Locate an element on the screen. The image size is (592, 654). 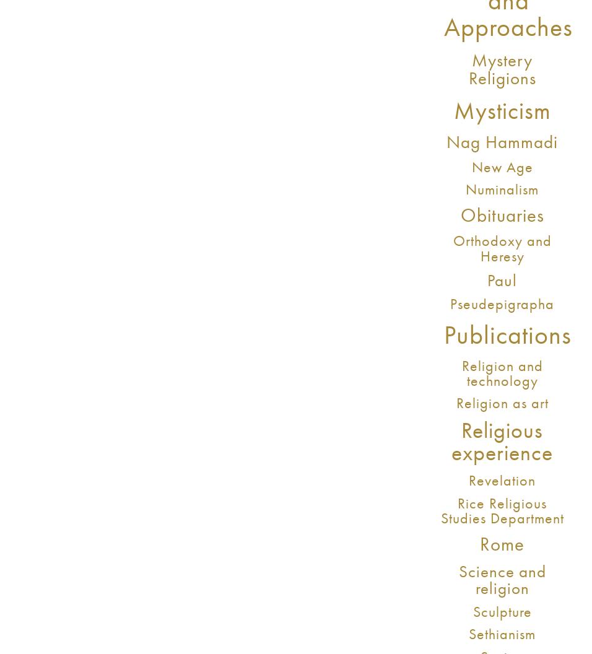
'Rome' is located at coordinates (501, 543).